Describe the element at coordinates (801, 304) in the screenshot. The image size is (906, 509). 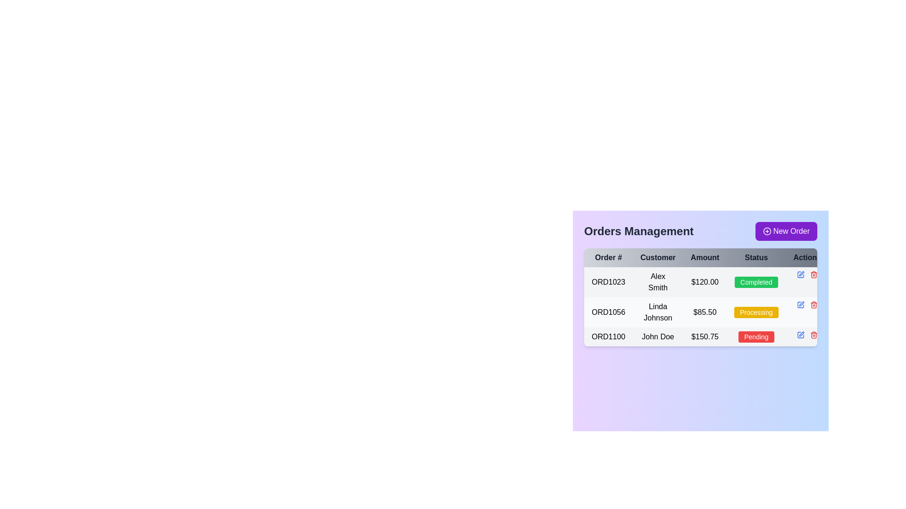
I see `the IconButton in the 'Action' column for 'Linda Johnson's order' to trigger the edit functionality` at that location.